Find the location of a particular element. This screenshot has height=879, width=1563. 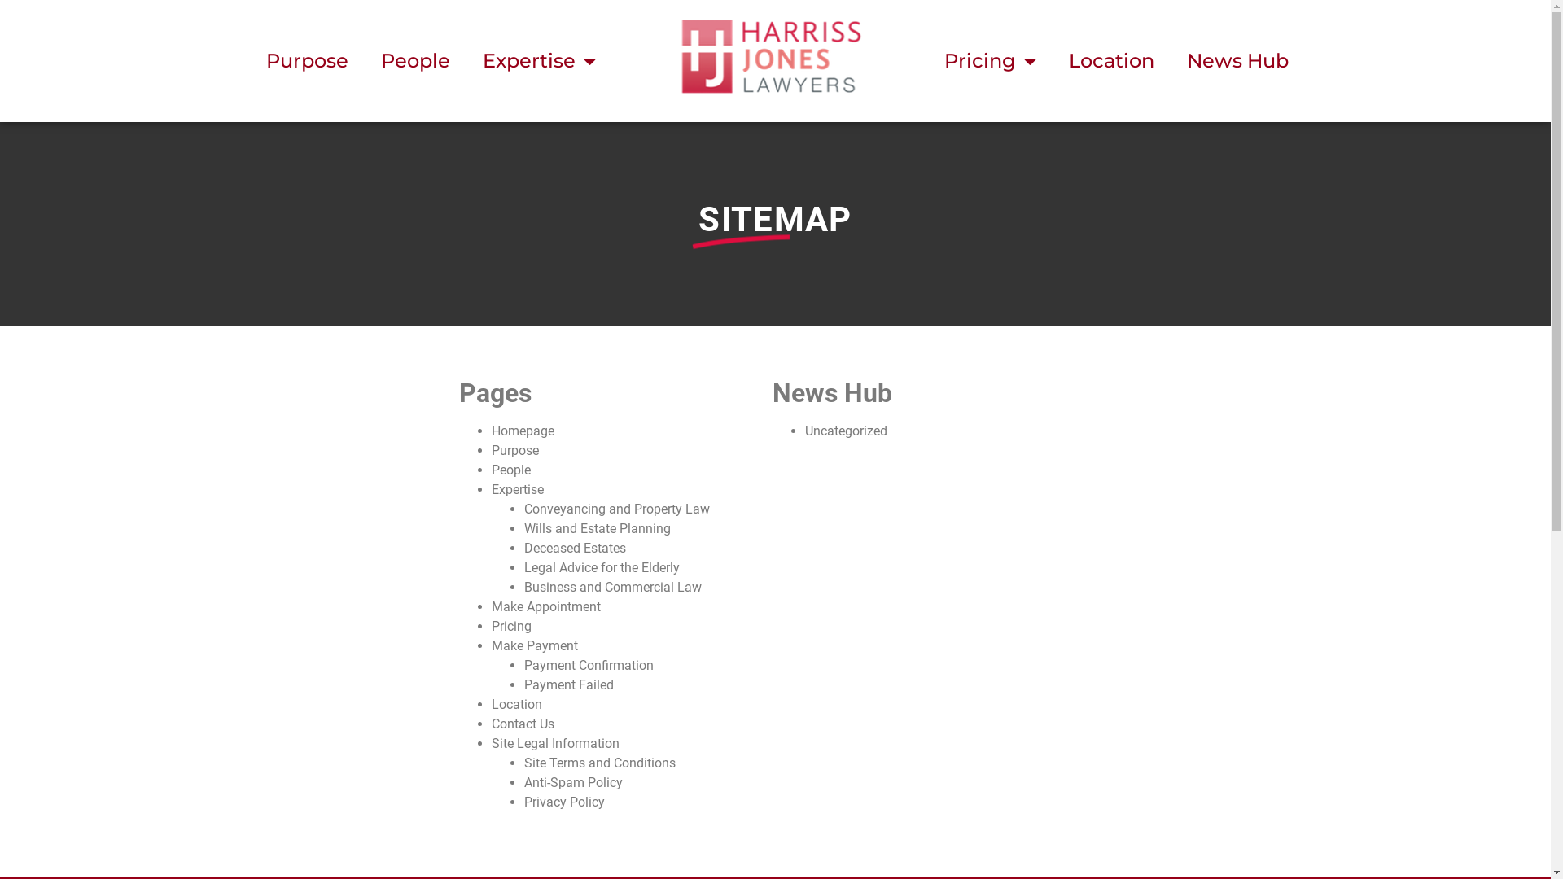

'Uncategorized' is located at coordinates (846, 430).